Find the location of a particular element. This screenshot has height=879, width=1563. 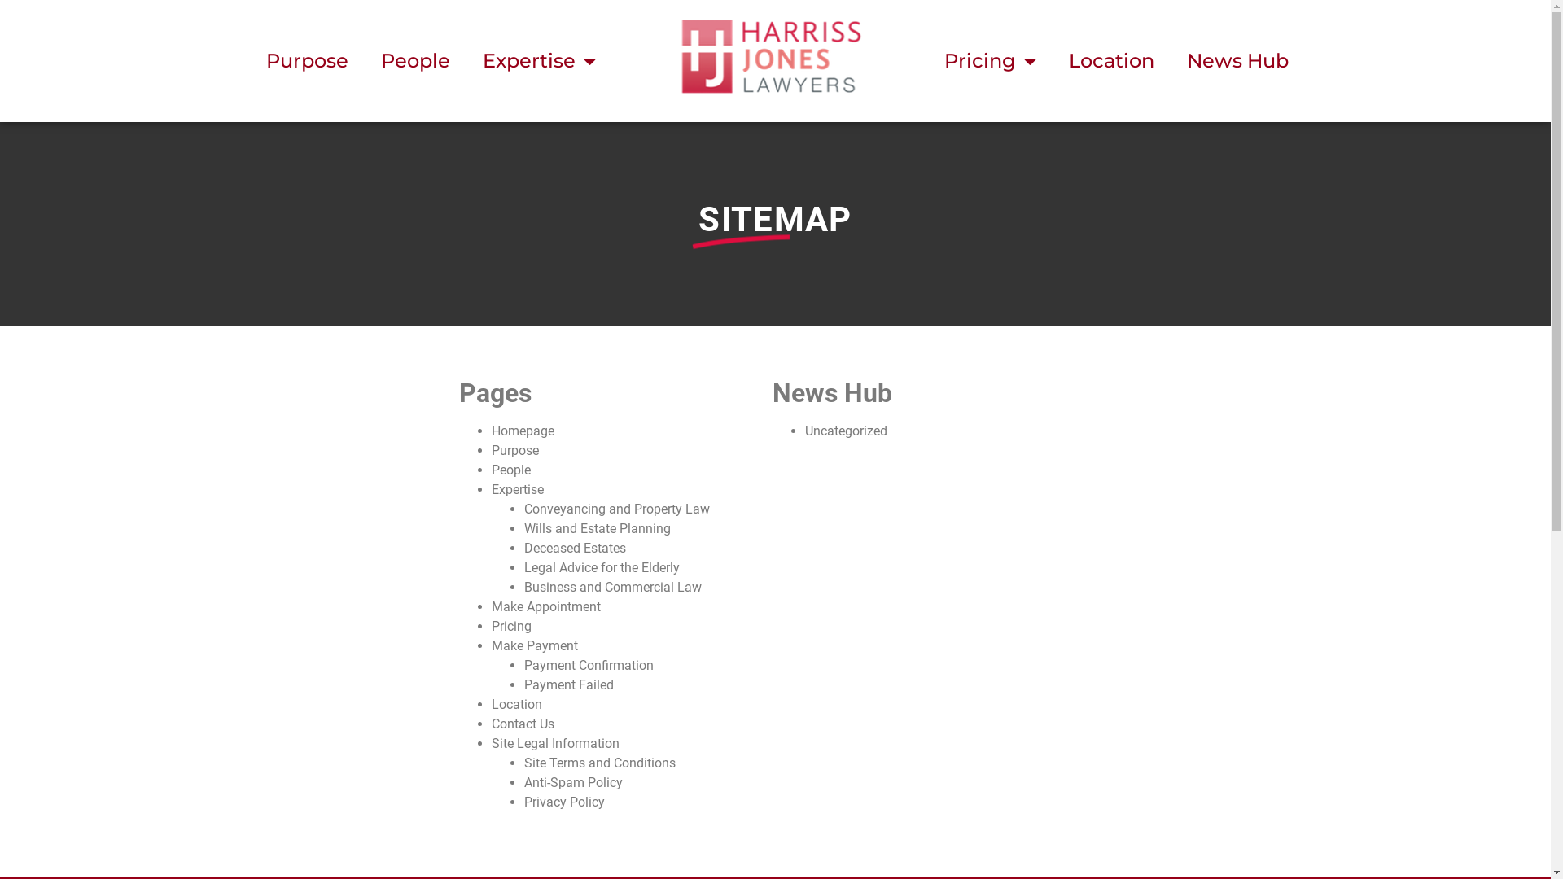

'Uncategorized' is located at coordinates (846, 430).